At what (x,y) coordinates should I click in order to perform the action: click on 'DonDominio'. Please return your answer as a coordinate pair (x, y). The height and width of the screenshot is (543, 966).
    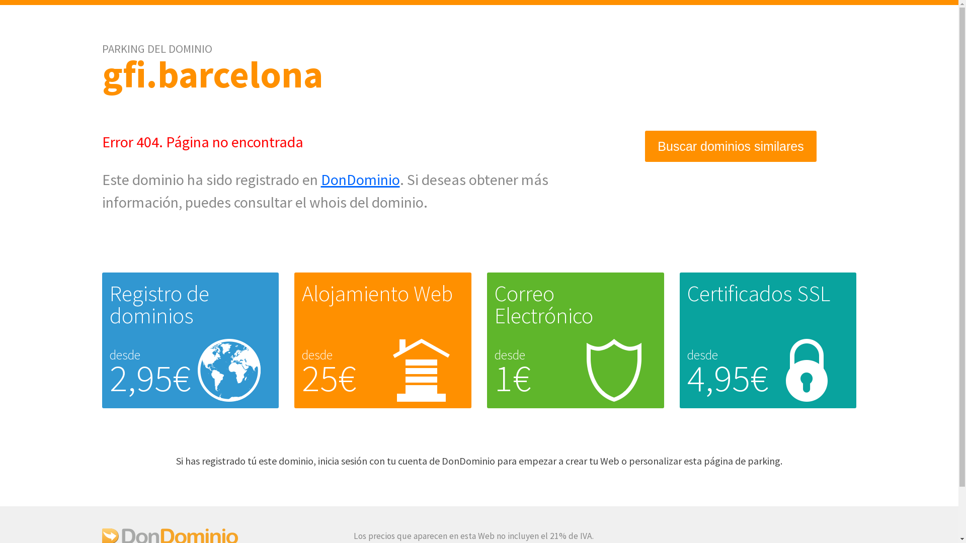
    Looking at the image, I should click on (360, 179).